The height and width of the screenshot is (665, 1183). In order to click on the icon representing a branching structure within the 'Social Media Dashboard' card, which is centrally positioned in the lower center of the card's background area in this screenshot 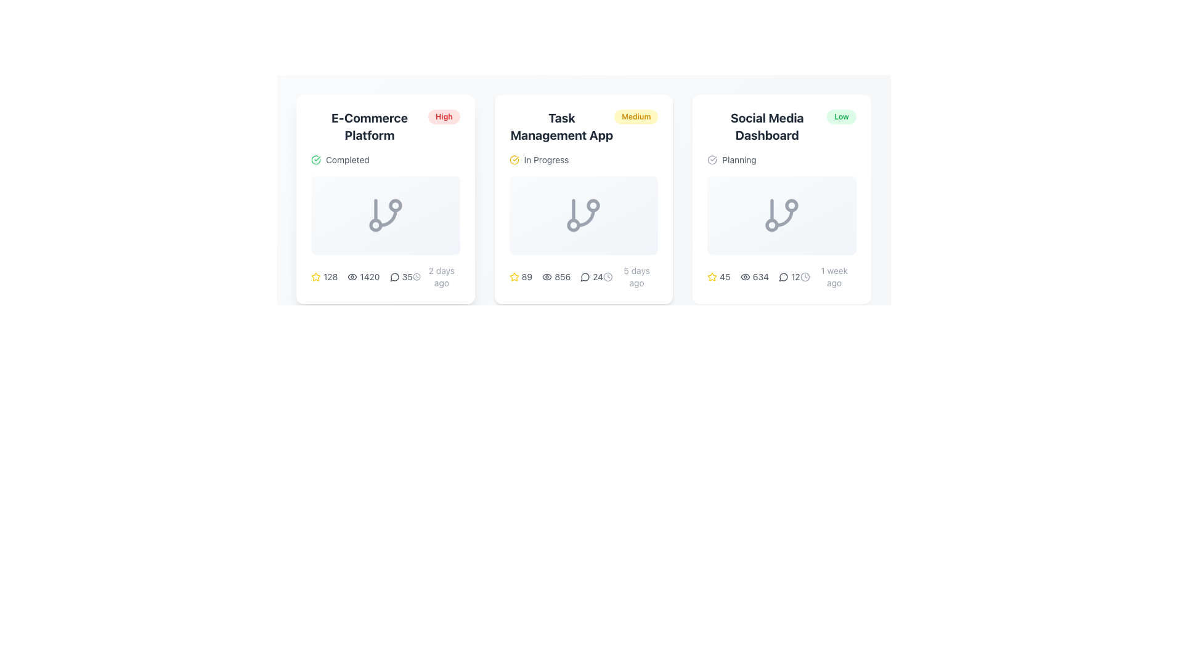, I will do `click(781, 215)`.